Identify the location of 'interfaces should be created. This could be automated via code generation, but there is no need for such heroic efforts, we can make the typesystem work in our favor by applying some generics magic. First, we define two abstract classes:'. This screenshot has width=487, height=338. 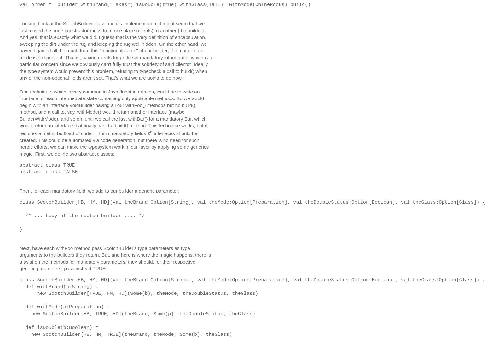
(113, 143).